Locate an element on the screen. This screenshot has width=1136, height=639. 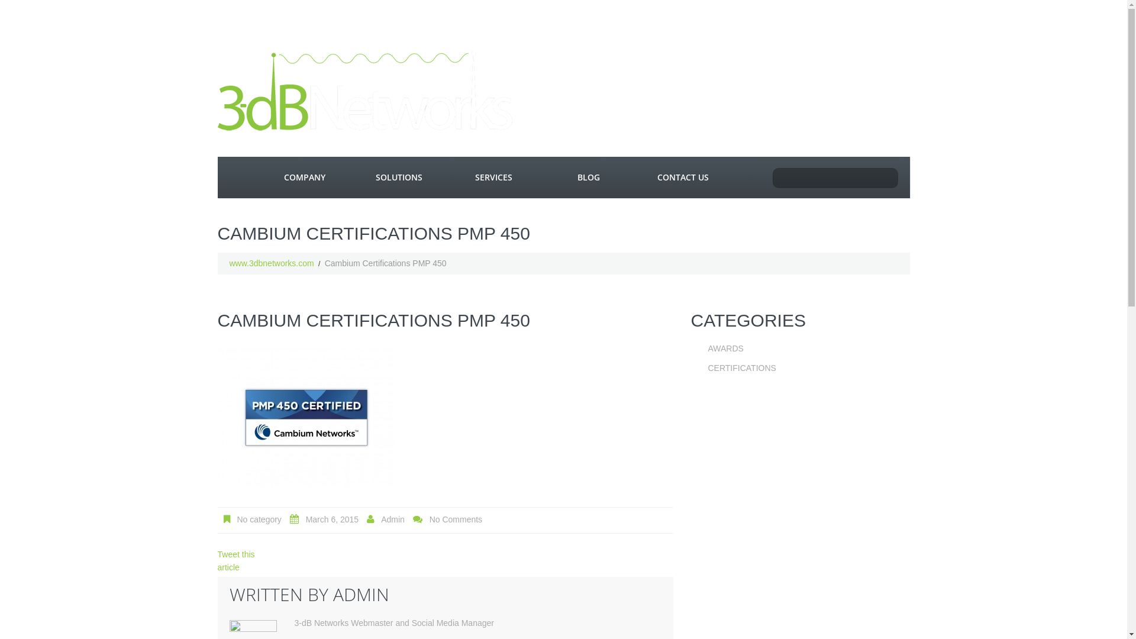
'AWARDS' is located at coordinates (724, 348).